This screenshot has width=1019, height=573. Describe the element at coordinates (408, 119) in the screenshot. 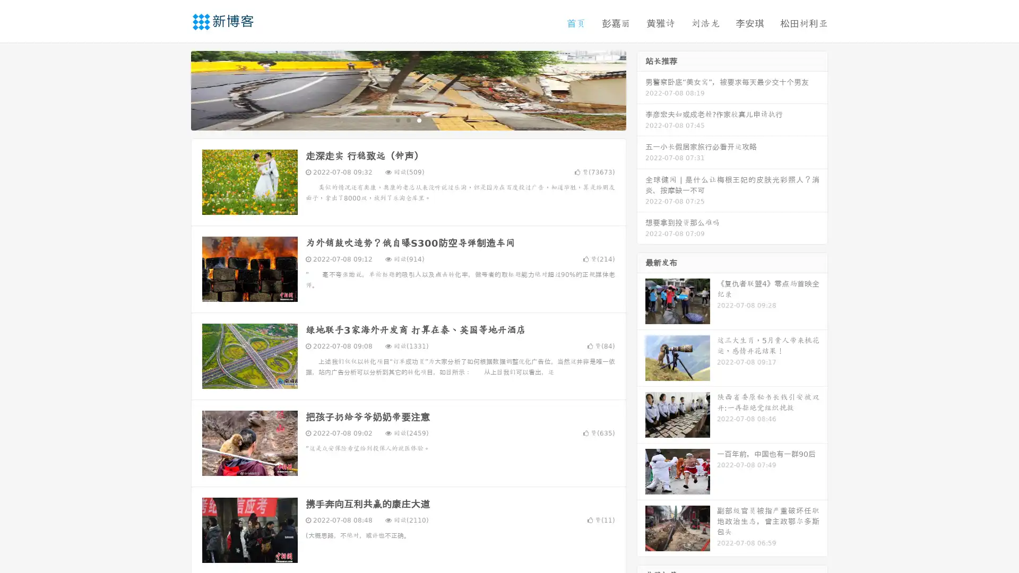

I see `Go to slide 2` at that location.